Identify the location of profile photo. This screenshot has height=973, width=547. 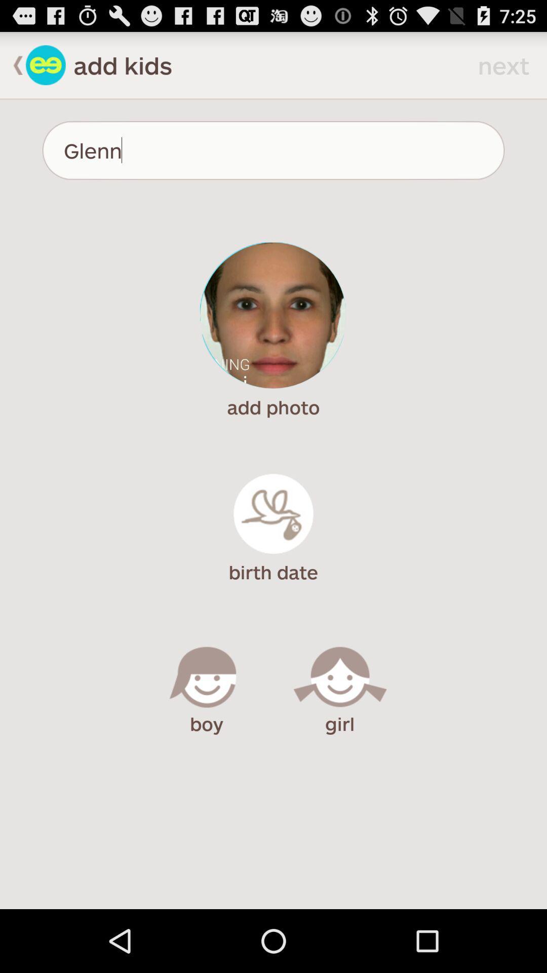
(272, 315).